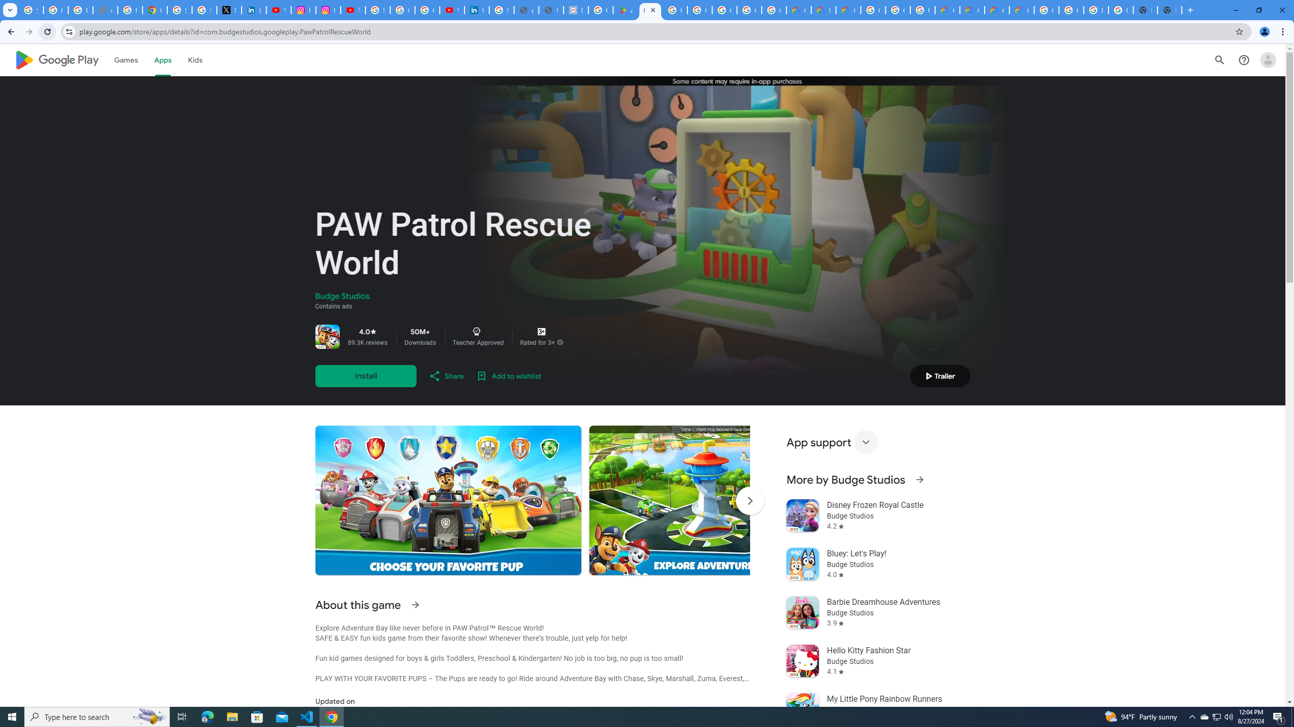  Describe the element at coordinates (997, 10) in the screenshot. I see `'Google Cloud Pricing Calculator'` at that location.